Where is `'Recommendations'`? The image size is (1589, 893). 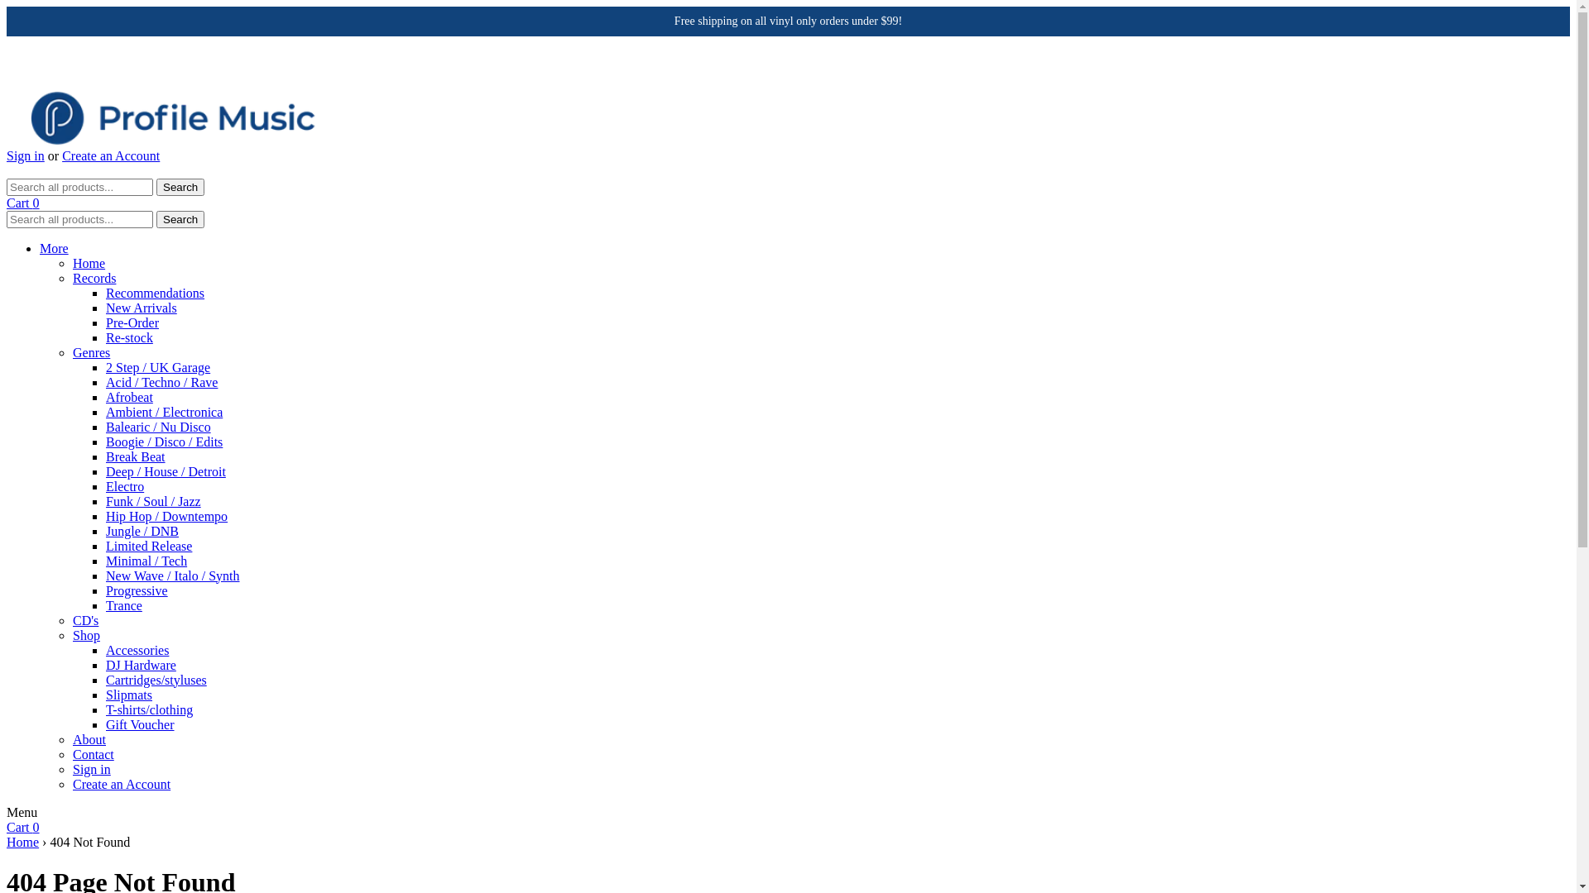 'Recommendations' is located at coordinates (105, 292).